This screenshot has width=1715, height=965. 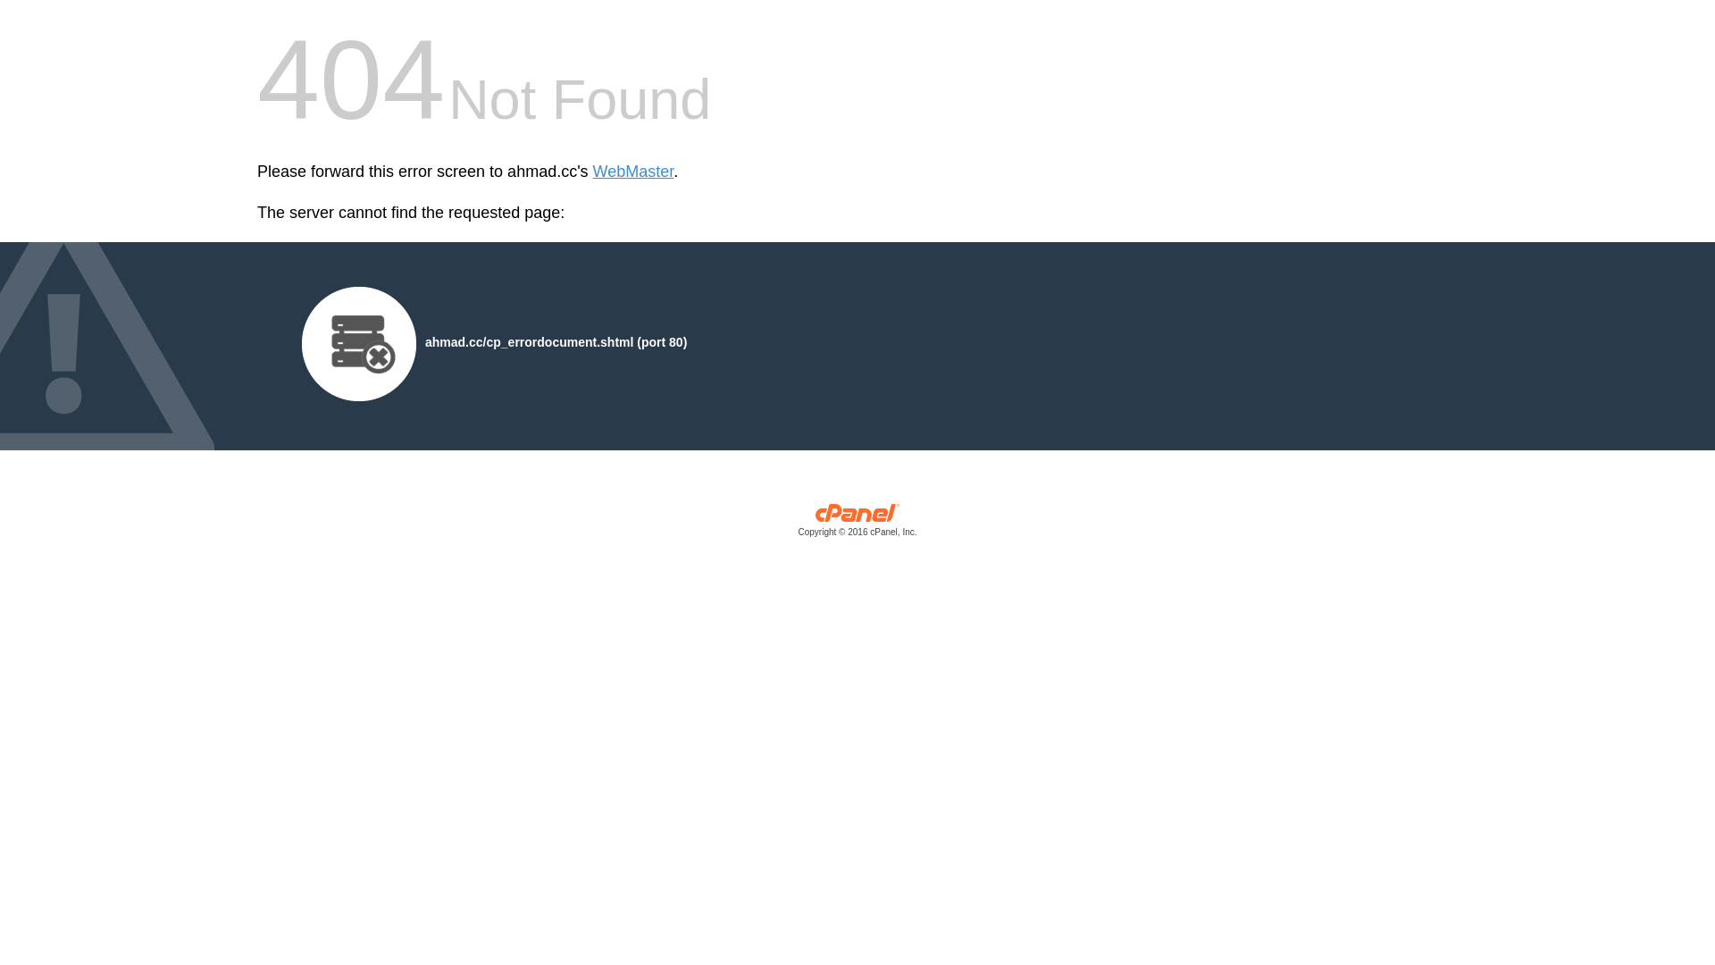 I want to click on 'WebMaster', so click(x=592, y=172).